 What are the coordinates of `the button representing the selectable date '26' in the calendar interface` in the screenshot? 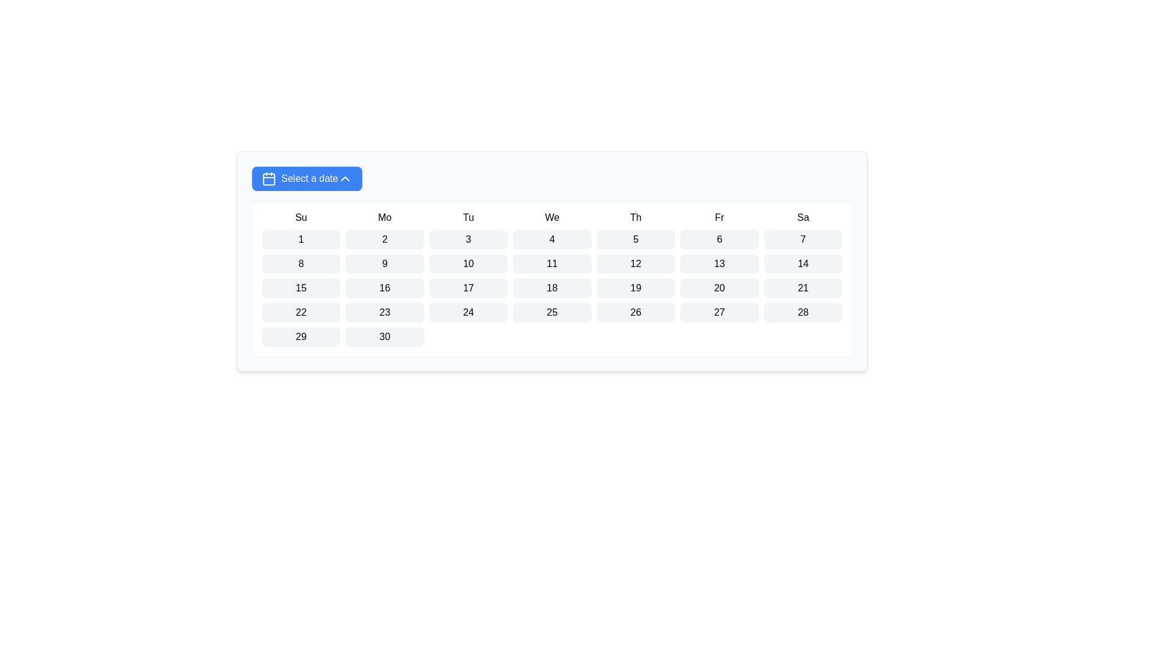 It's located at (635, 311).